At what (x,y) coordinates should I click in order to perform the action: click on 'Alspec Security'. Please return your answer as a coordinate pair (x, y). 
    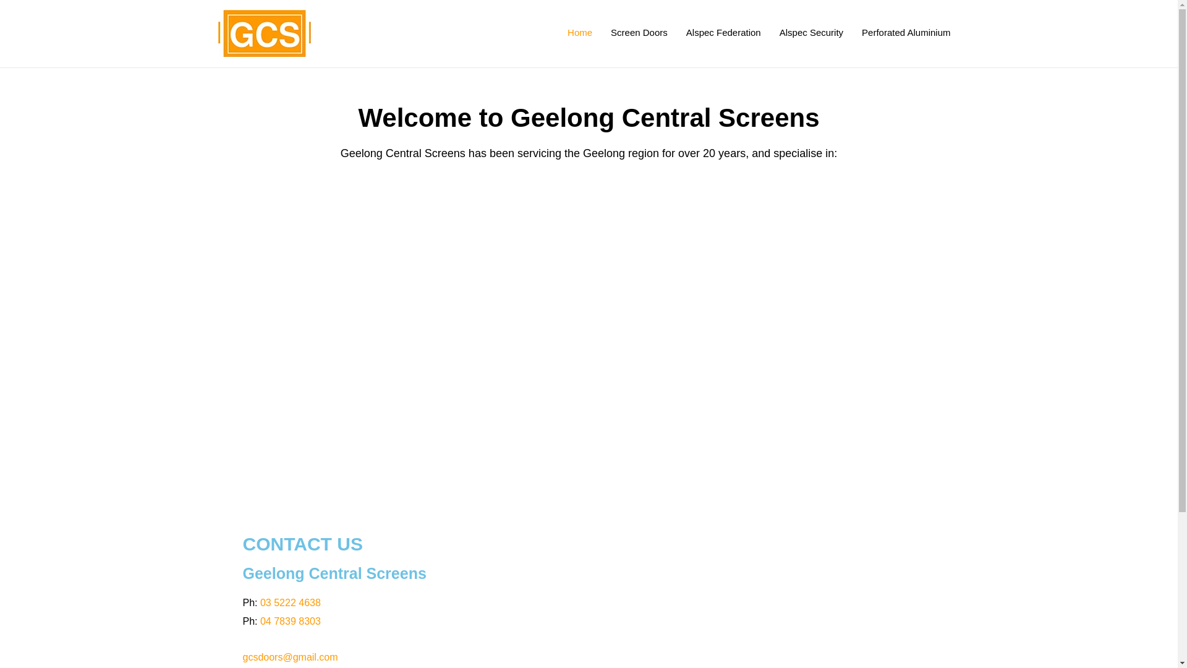
    Looking at the image, I should click on (811, 31).